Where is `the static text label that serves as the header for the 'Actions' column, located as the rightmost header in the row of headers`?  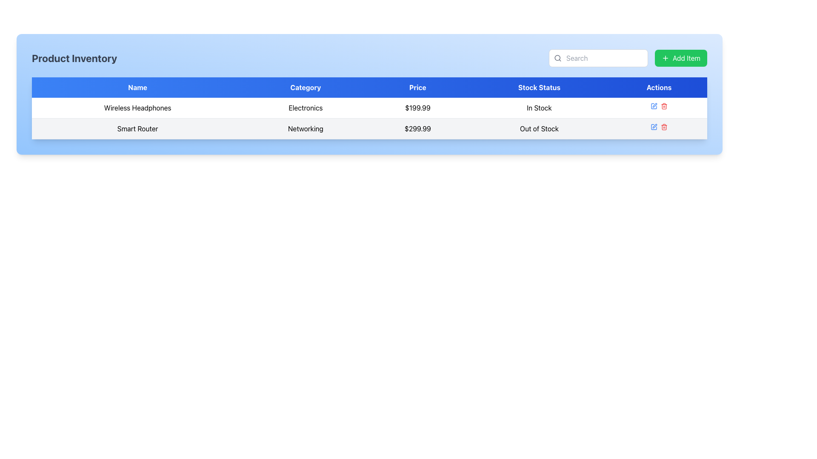 the static text label that serves as the header for the 'Actions' column, located as the rightmost header in the row of headers is located at coordinates (658, 87).